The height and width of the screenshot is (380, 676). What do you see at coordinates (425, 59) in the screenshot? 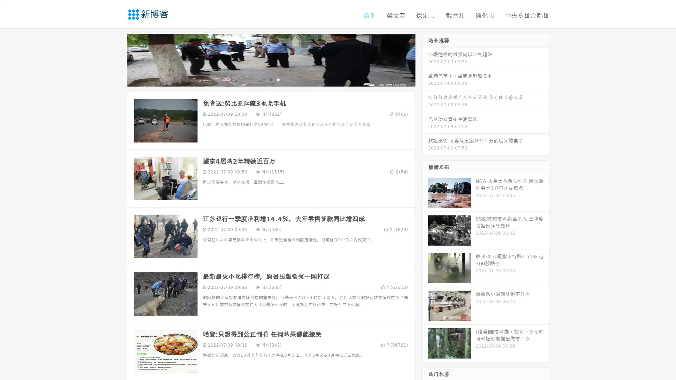
I see `Next slide` at bounding box center [425, 59].